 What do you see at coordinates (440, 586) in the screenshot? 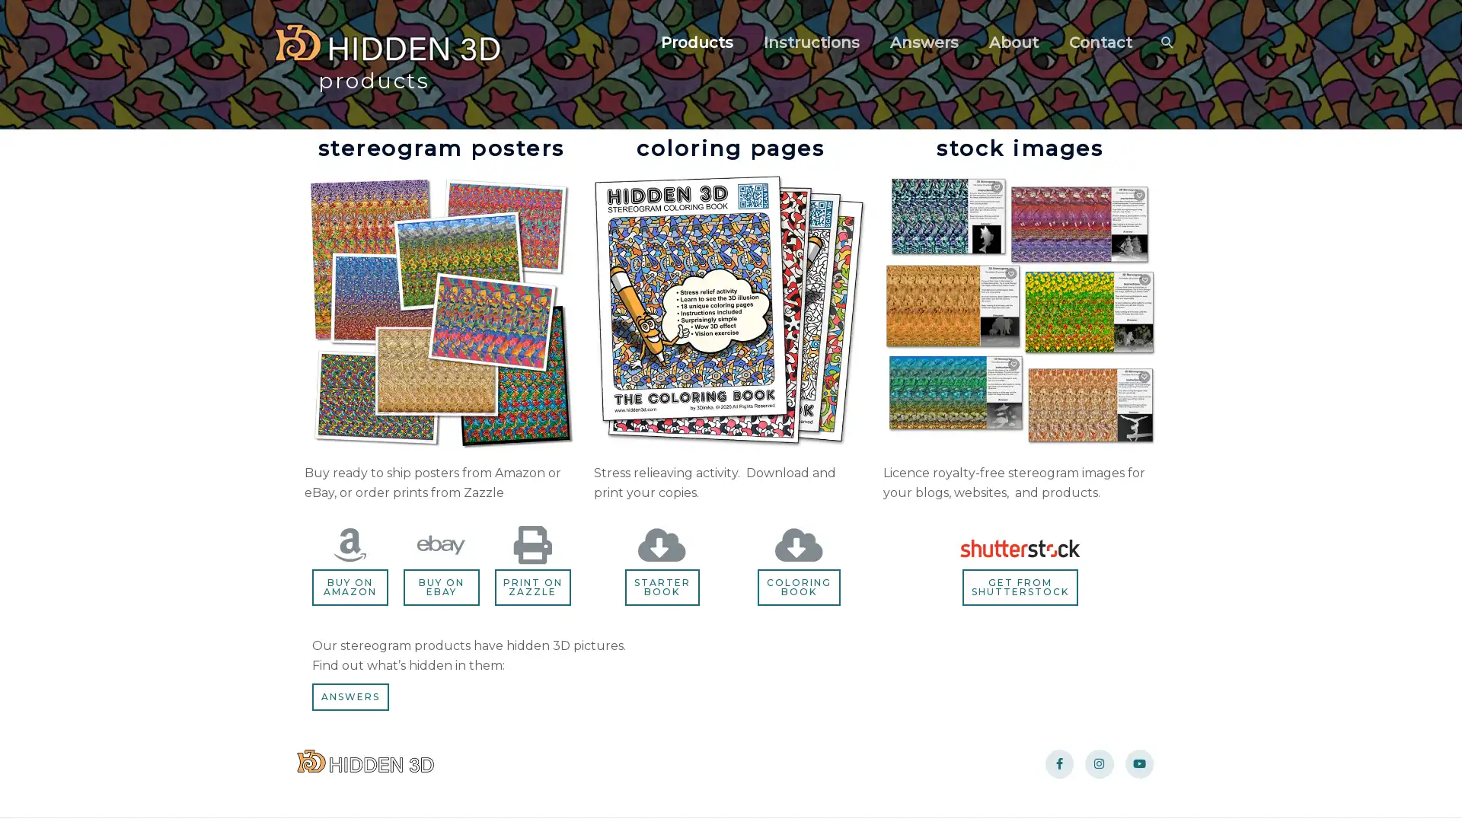
I see `BUY ON EBAY` at bounding box center [440, 586].